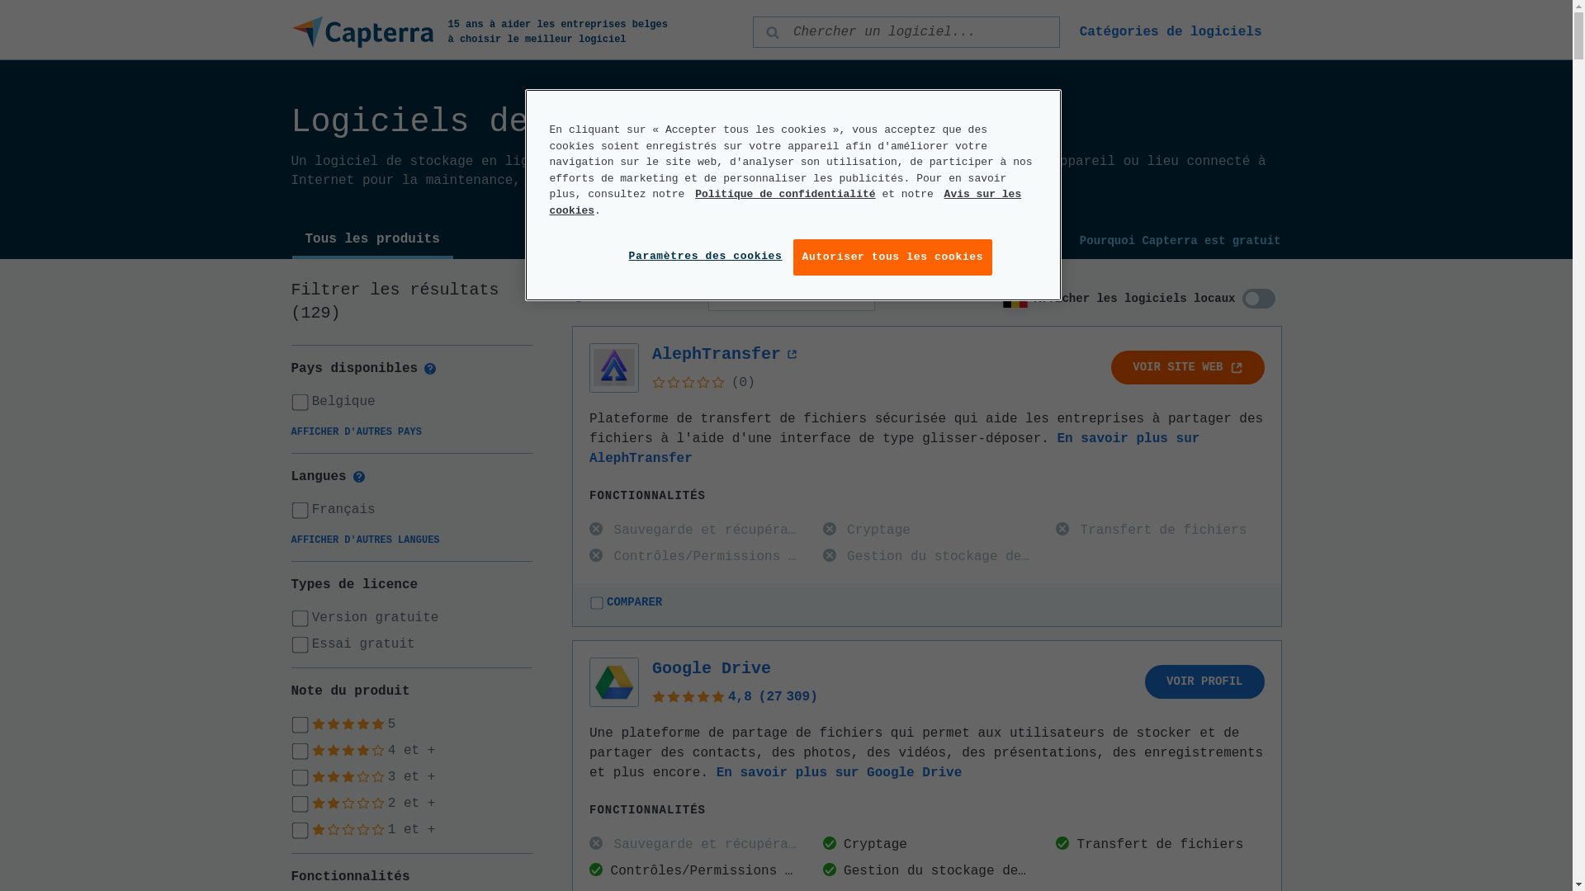  I want to click on '1 et +', so click(411, 830).